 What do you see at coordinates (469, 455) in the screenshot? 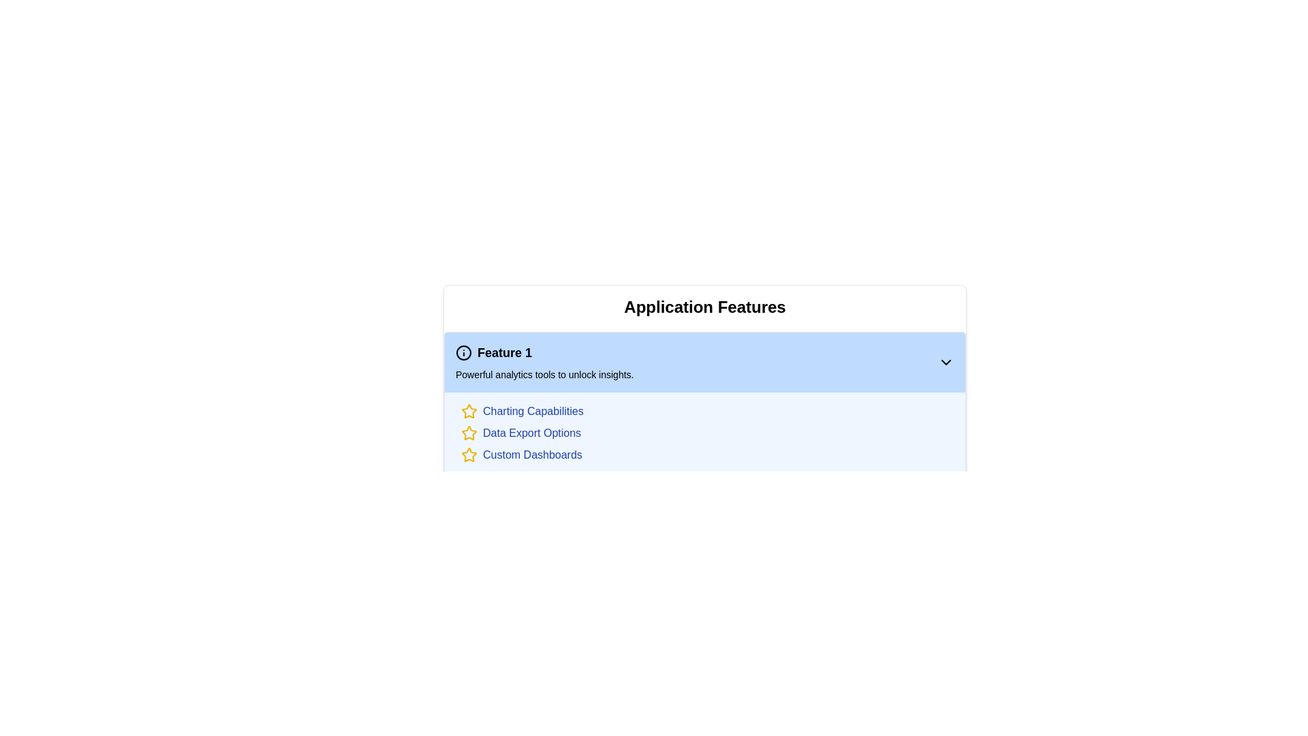
I see `the leftmost icon associated with the text 'Charting Capabilities' in the interface view` at bounding box center [469, 455].